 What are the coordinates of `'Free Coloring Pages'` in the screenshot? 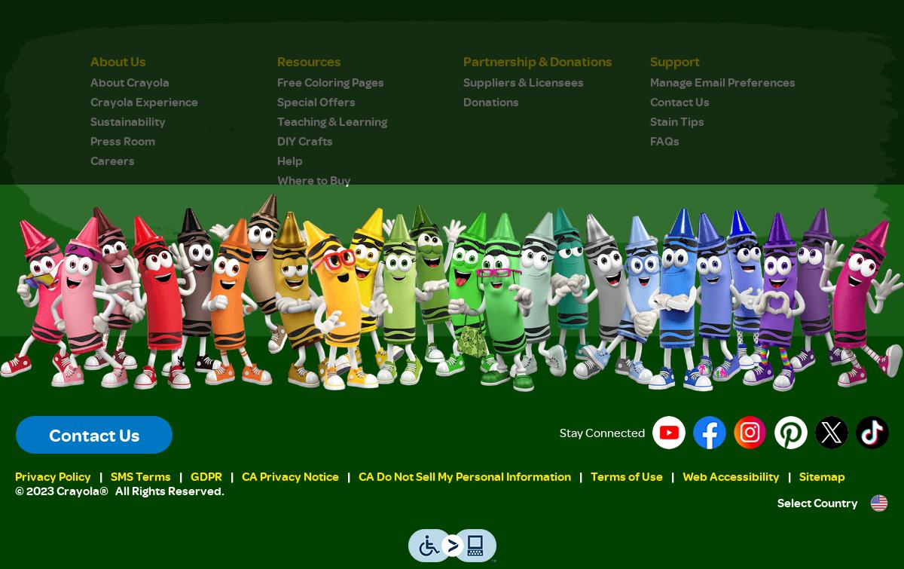 It's located at (330, 81).